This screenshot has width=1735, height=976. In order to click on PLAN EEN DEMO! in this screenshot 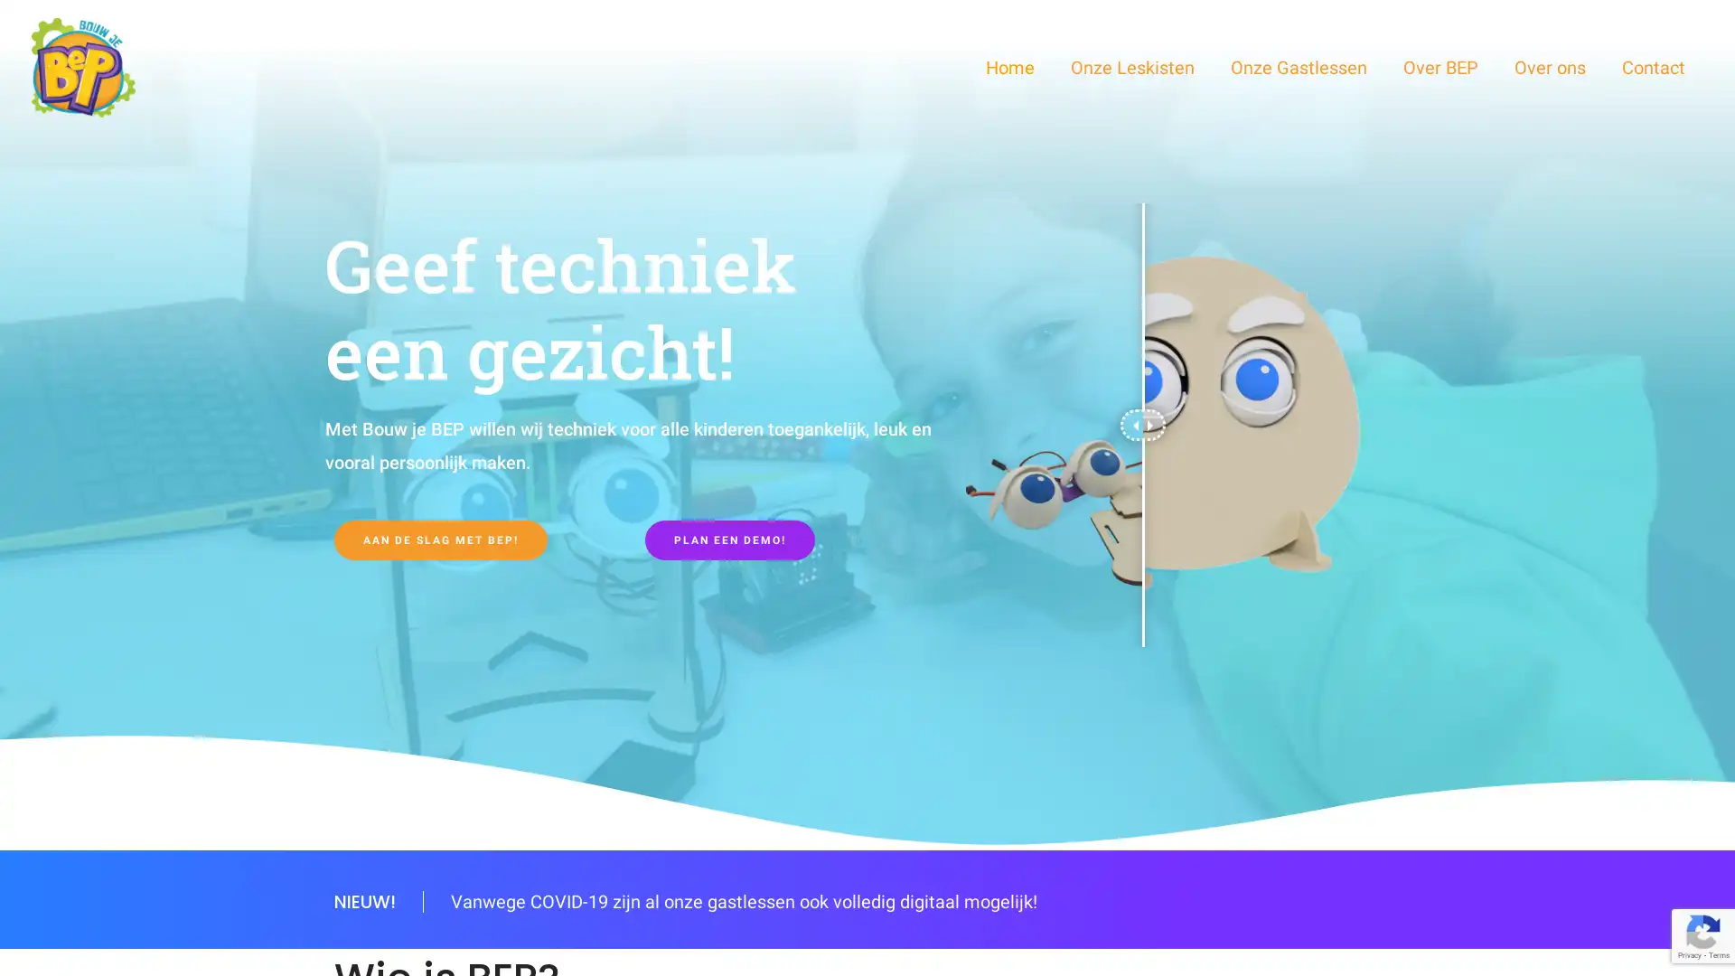, I will do `click(729, 539)`.